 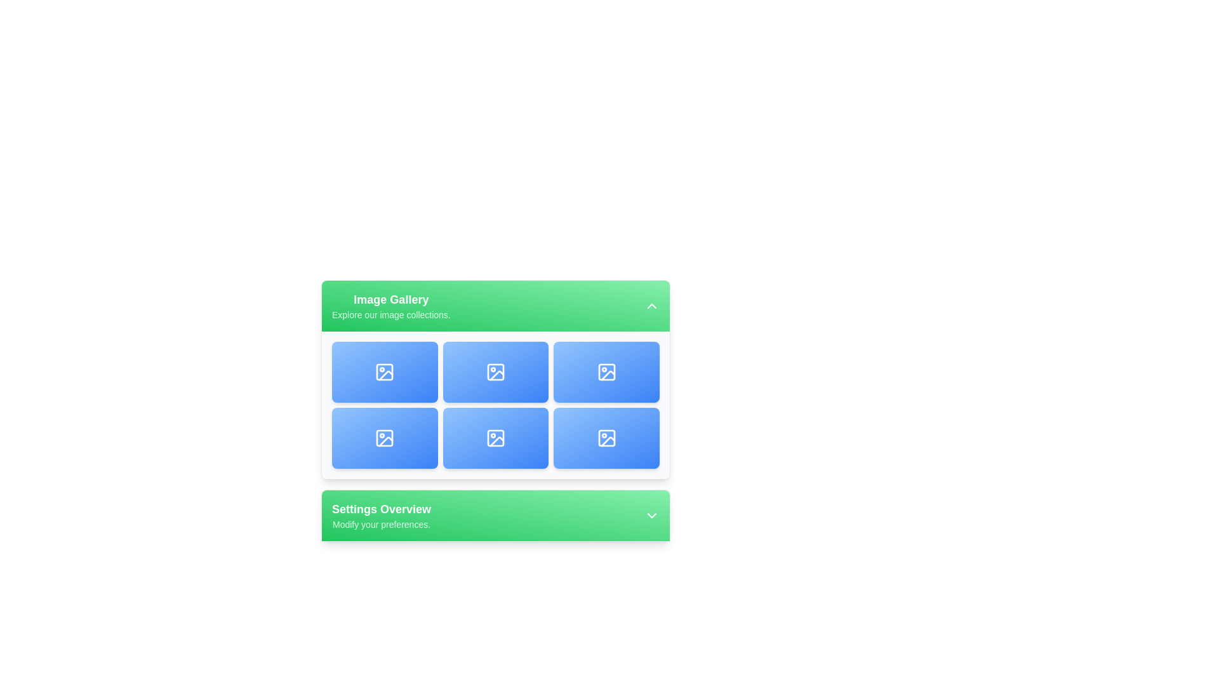 I want to click on the button located, so click(x=495, y=438).